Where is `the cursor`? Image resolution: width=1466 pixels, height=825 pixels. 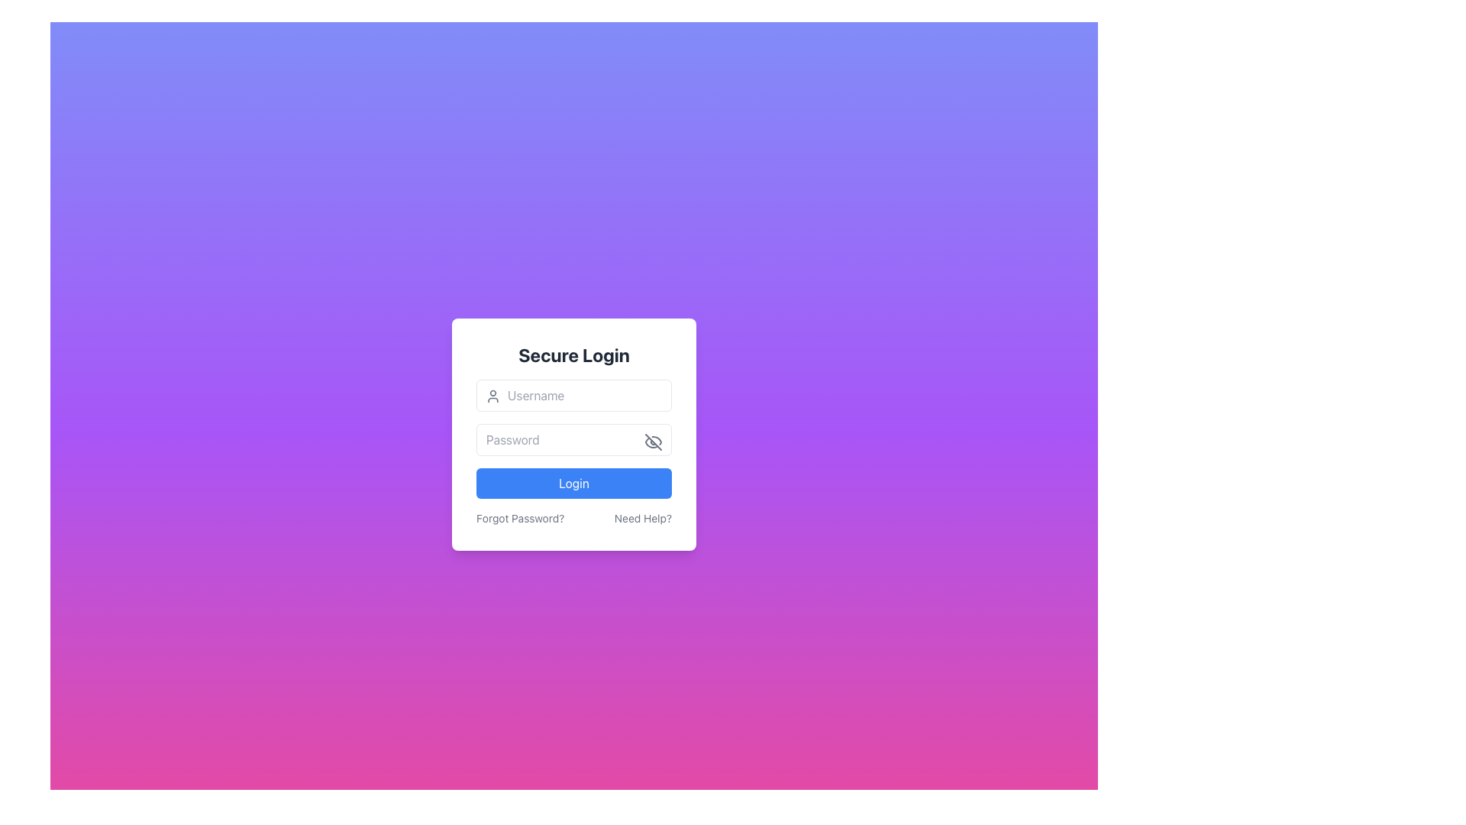 the cursor is located at coordinates (573, 394).